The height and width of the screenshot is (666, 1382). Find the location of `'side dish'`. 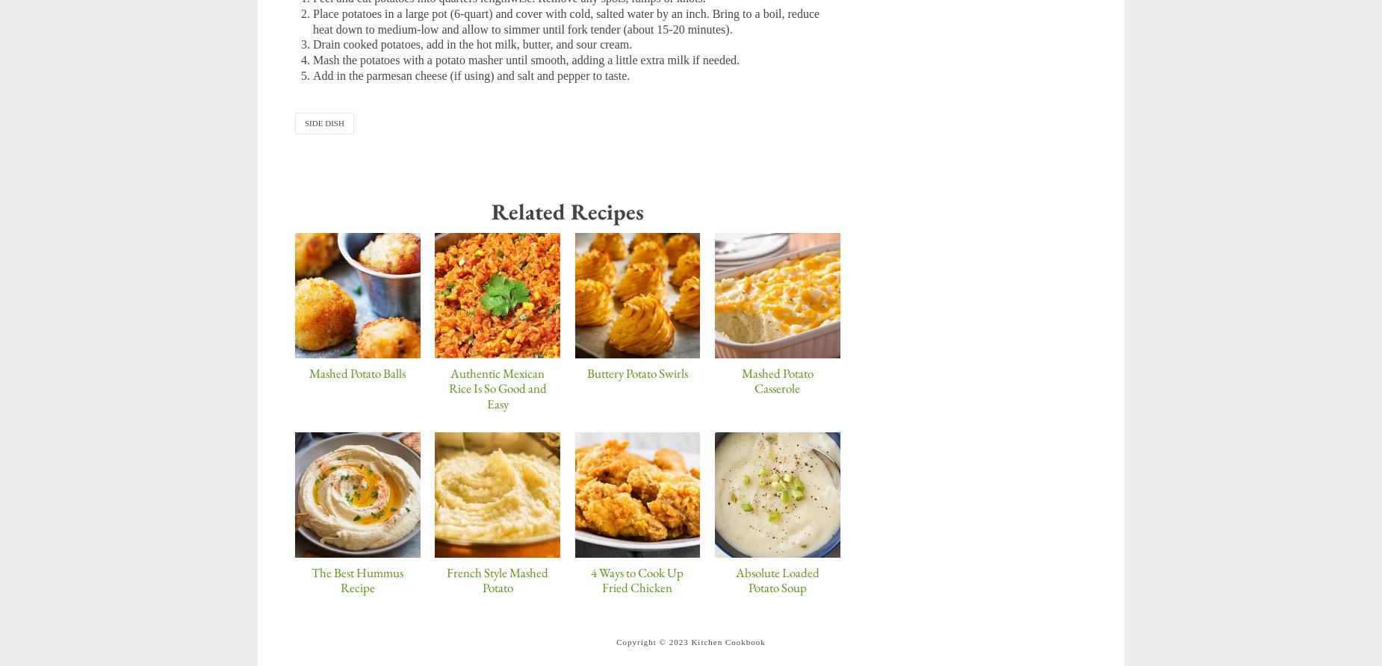

'side dish' is located at coordinates (303, 122).